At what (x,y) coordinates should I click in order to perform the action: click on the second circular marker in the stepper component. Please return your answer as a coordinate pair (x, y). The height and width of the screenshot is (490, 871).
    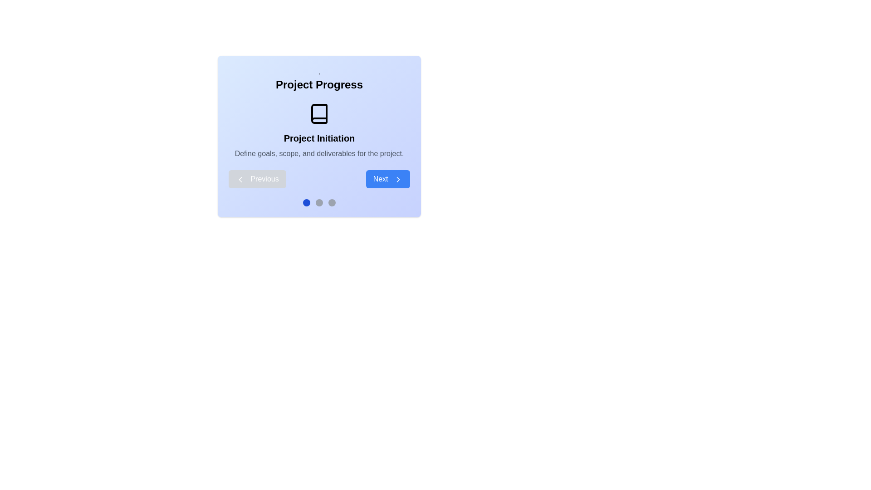
    Looking at the image, I should click on (319, 202).